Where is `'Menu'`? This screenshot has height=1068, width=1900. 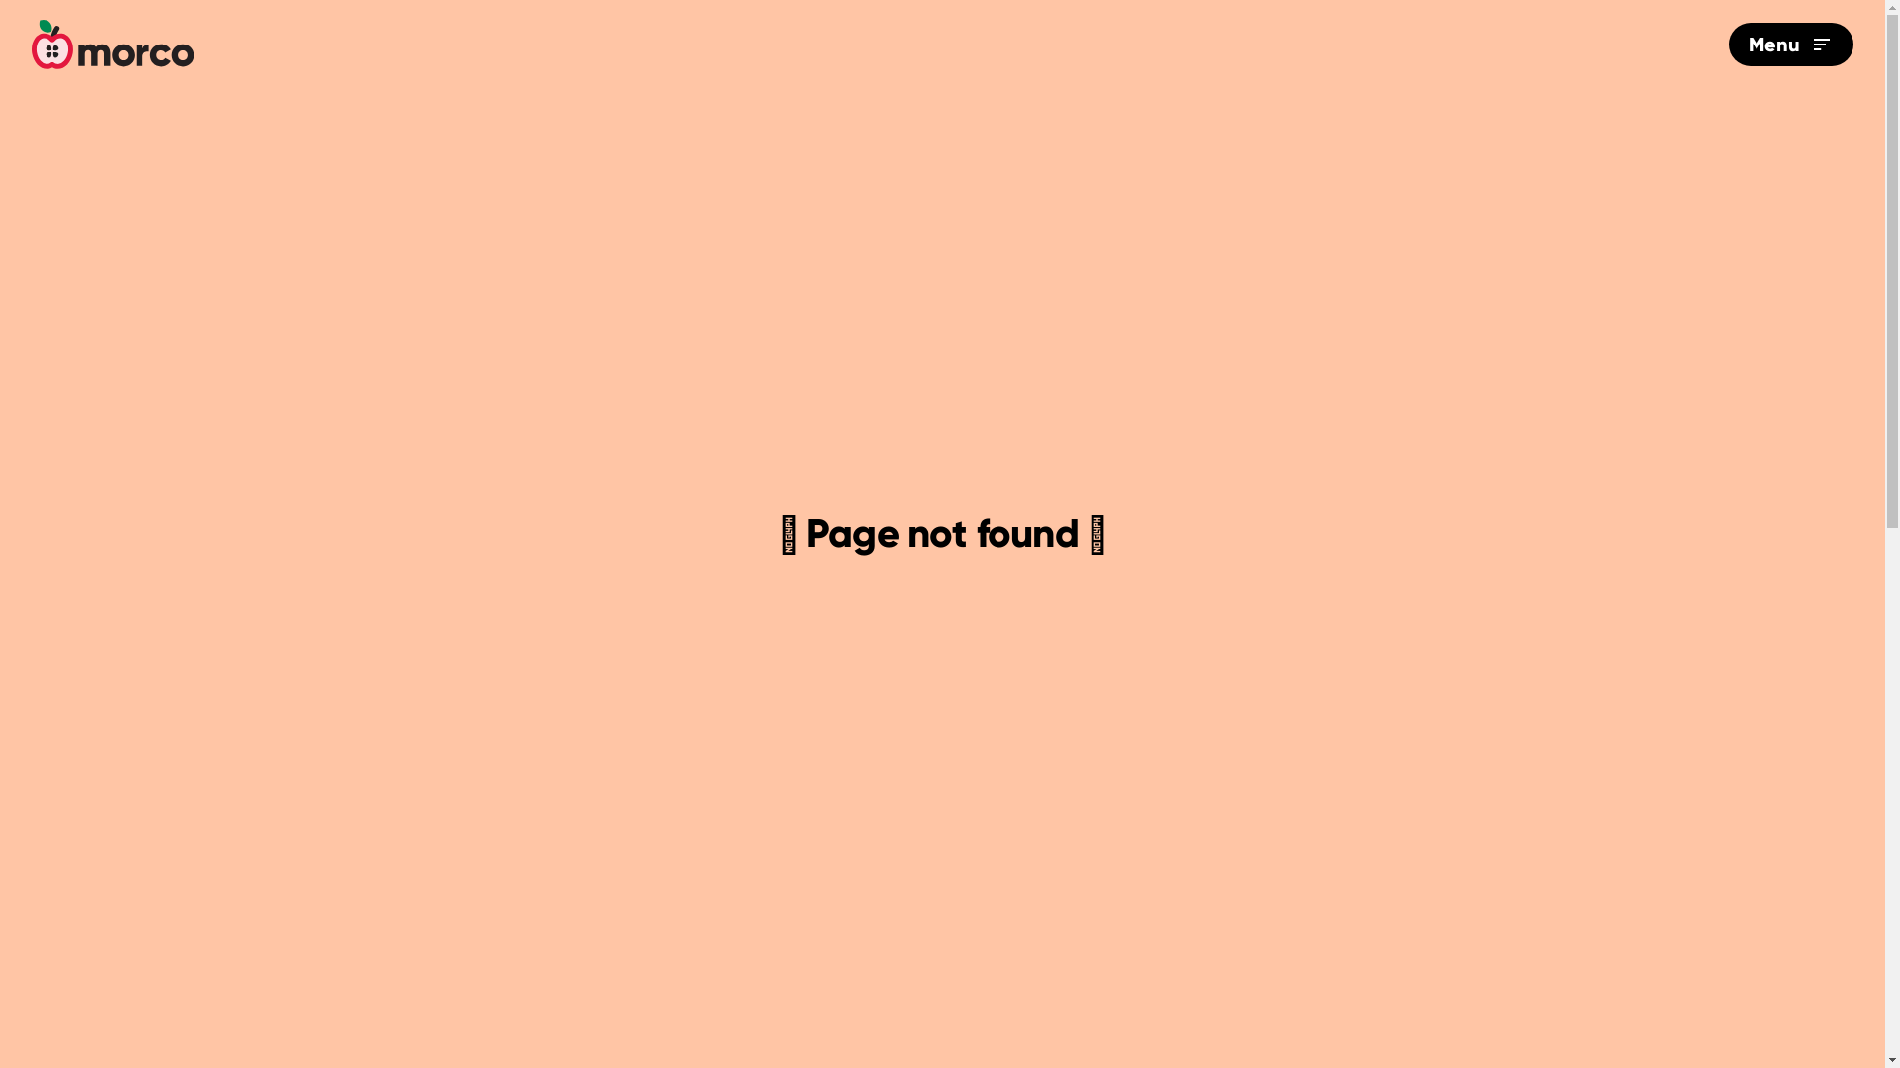 'Menu' is located at coordinates (1790, 44).